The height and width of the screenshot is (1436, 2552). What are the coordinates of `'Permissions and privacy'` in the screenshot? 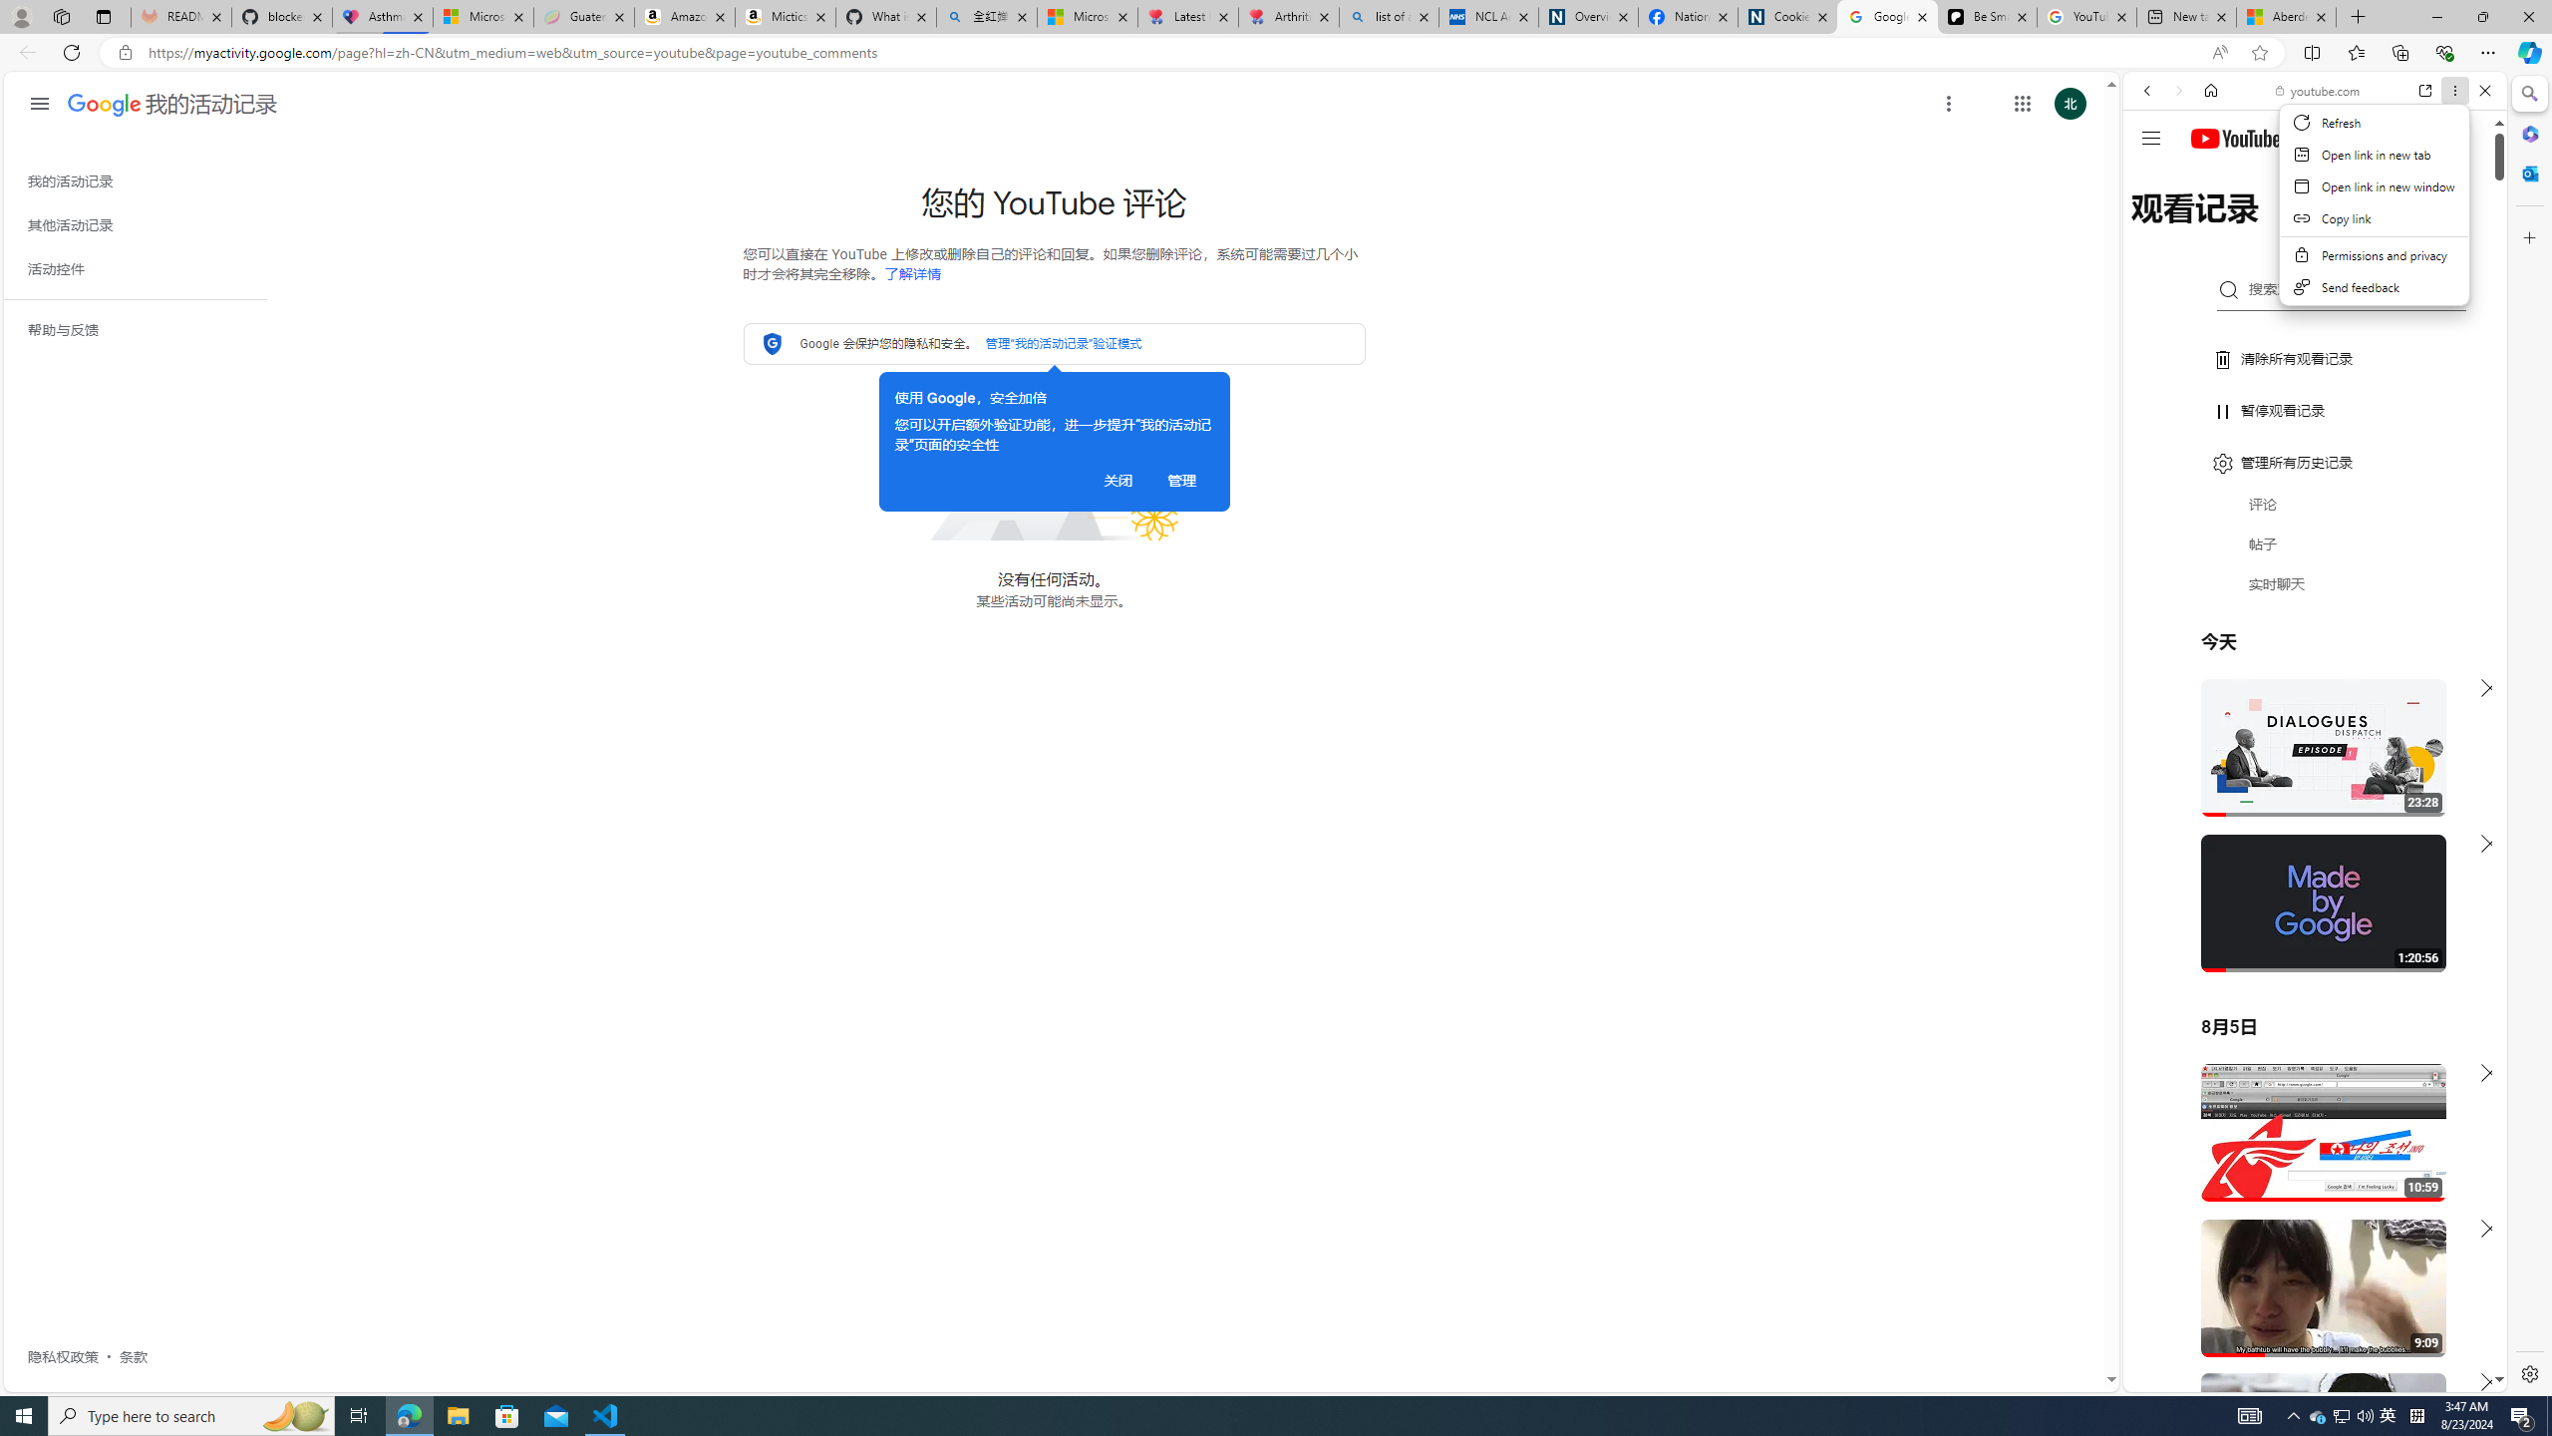 It's located at (2374, 255).